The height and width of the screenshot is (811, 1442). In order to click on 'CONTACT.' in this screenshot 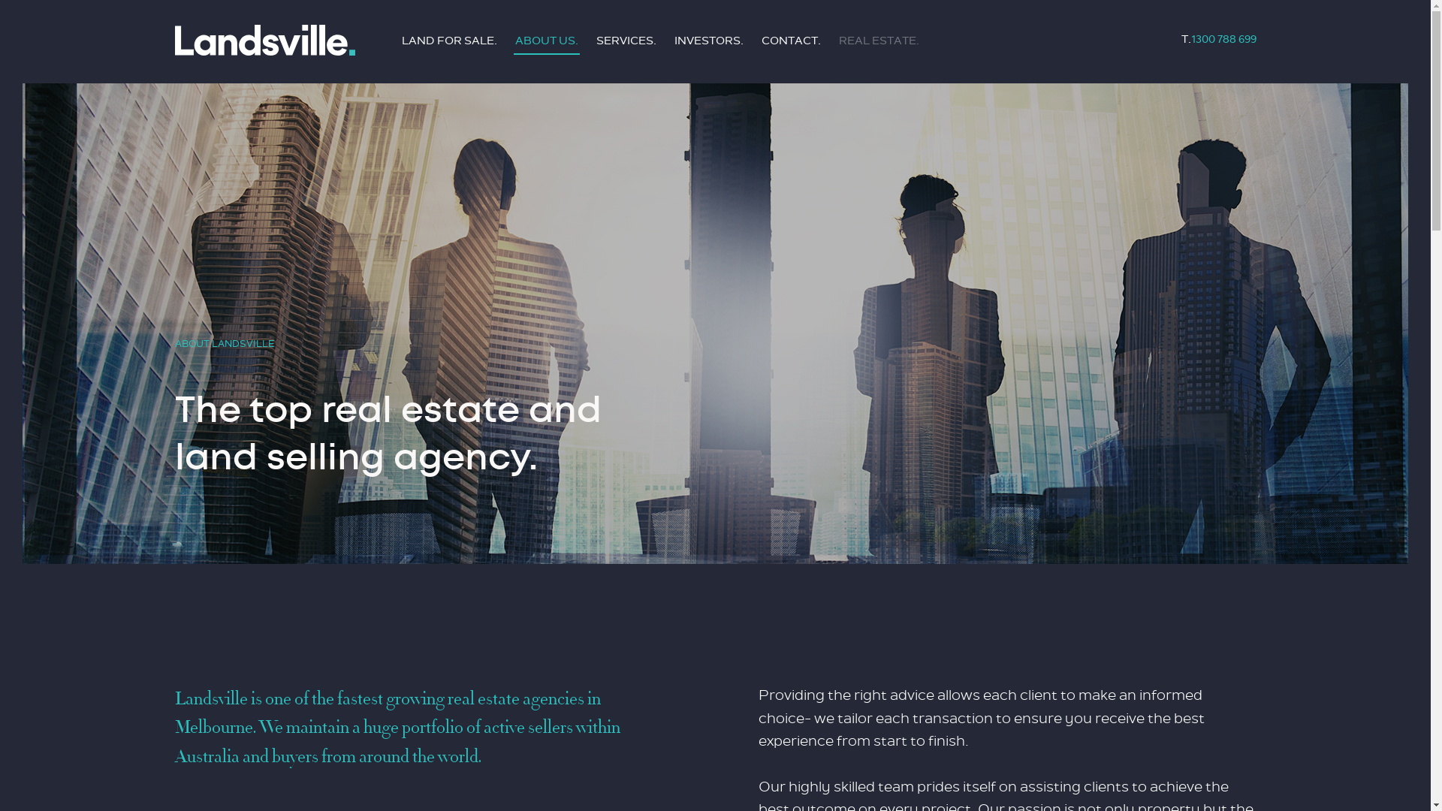, I will do `click(790, 40)`.